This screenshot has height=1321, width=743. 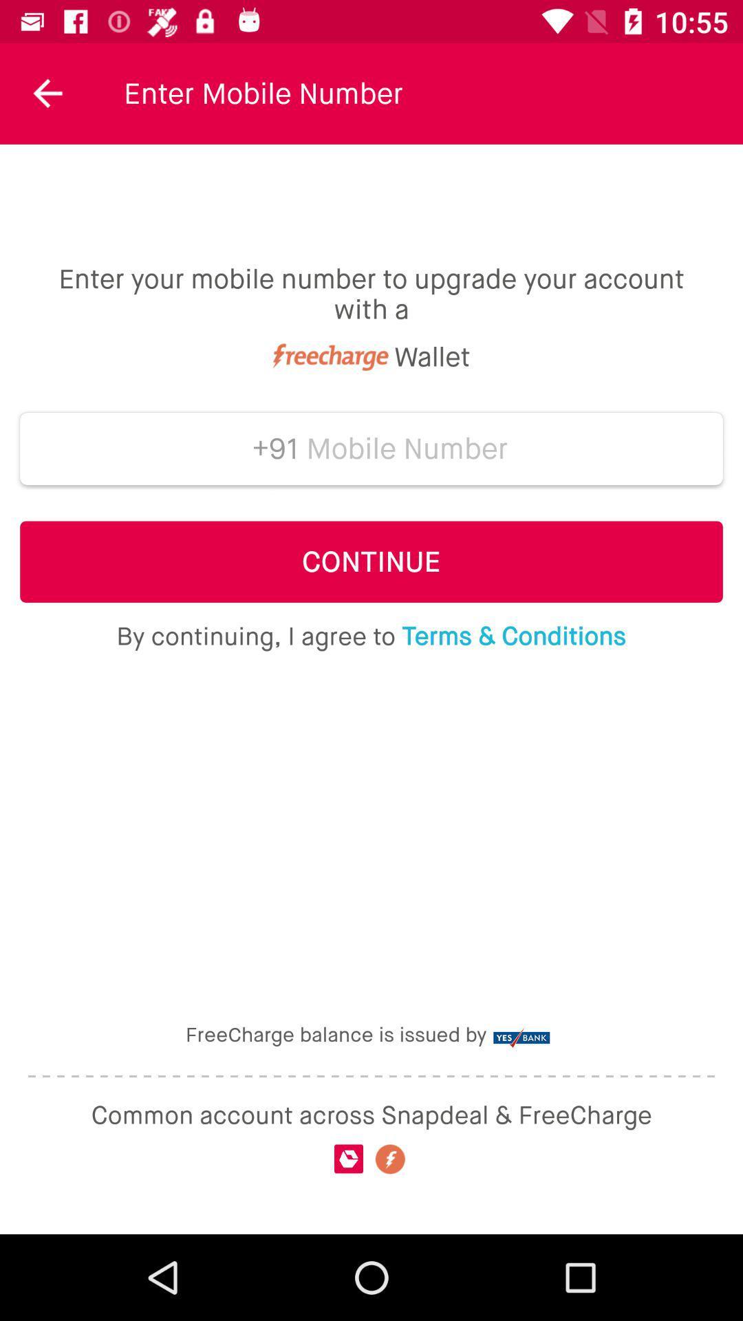 I want to click on free charge icon at bottom of the page, so click(x=390, y=1158).